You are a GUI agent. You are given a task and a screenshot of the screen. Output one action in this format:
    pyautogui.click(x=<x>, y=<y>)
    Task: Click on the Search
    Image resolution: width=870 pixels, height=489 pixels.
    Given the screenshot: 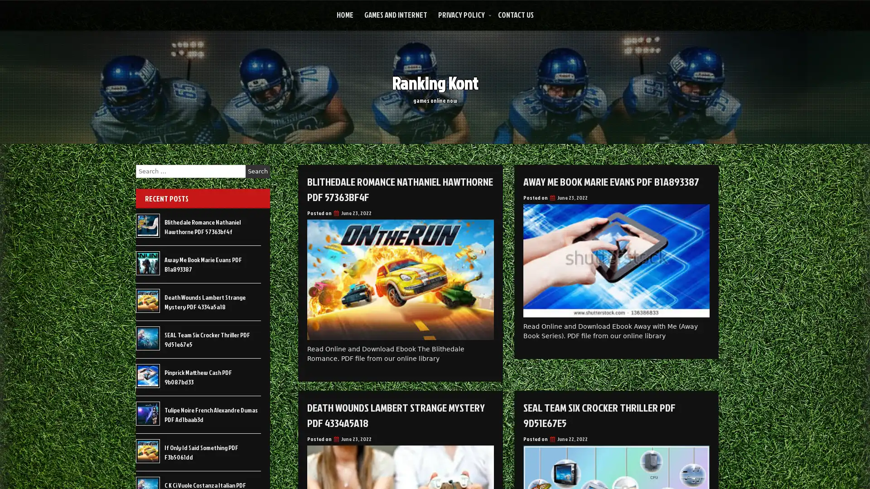 What is the action you would take?
    pyautogui.click(x=257, y=171)
    